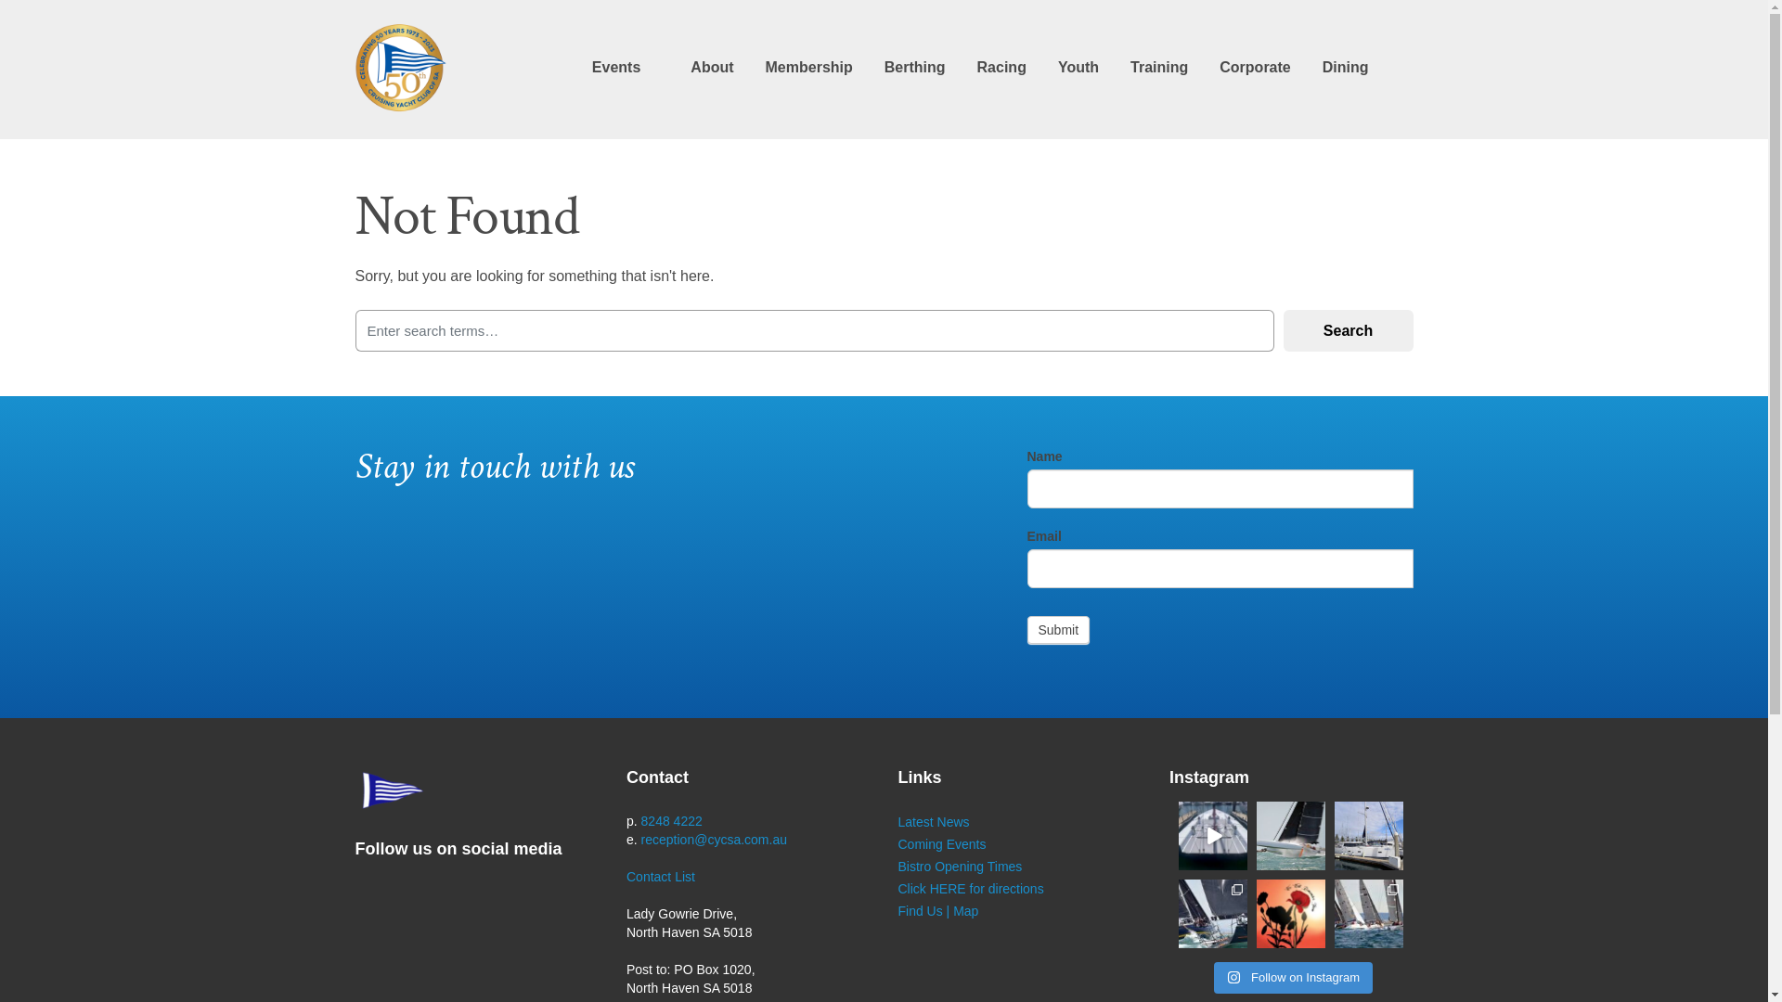 Image resolution: width=1782 pixels, height=1002 pixels. Describe the element at coordinates (914, 67) in the screenshot. I see `'Berthing'` at that location.